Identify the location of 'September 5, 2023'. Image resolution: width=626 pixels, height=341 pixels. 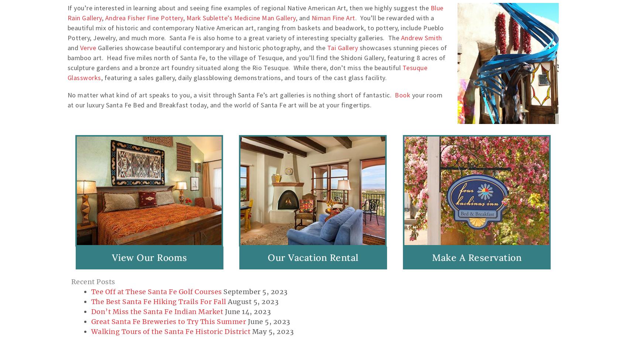
(255, 291).